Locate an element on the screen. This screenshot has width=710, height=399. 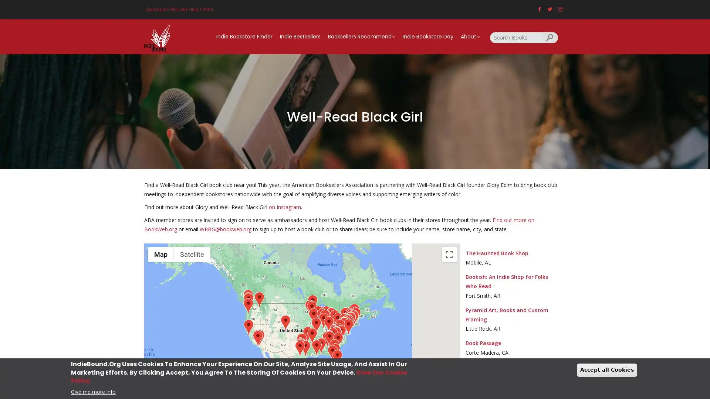
Book House of Stuyvesant Plaza is located at coordinates (350, 314).